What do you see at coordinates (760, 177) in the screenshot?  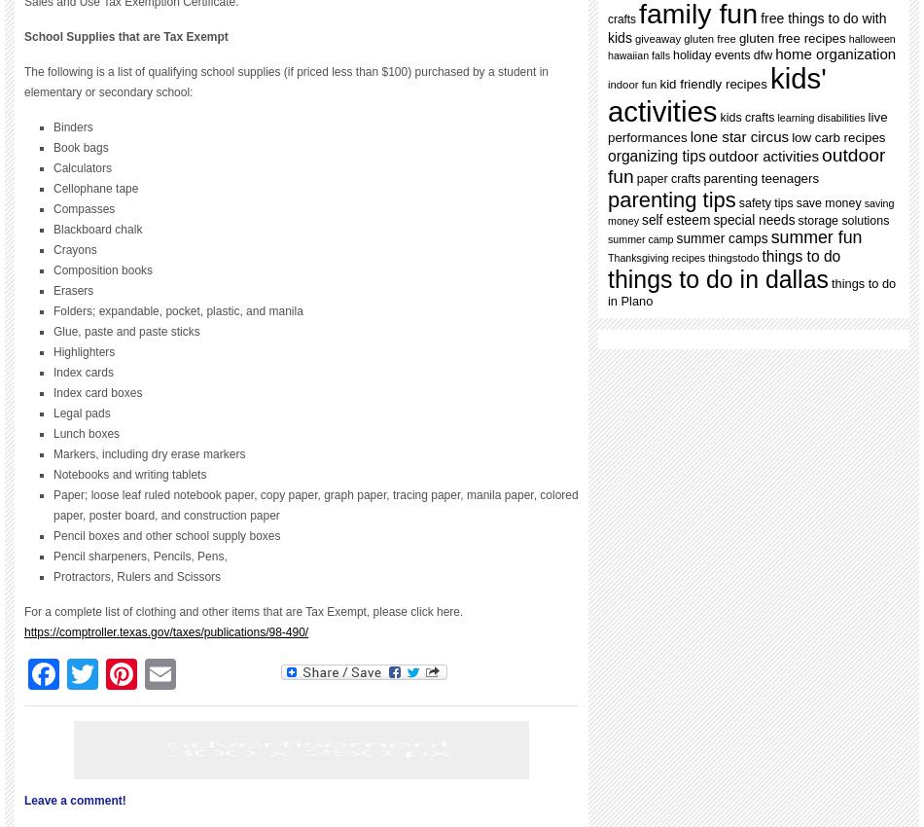 I see `'parenting teenagers'` at bounding box center [760, 177].